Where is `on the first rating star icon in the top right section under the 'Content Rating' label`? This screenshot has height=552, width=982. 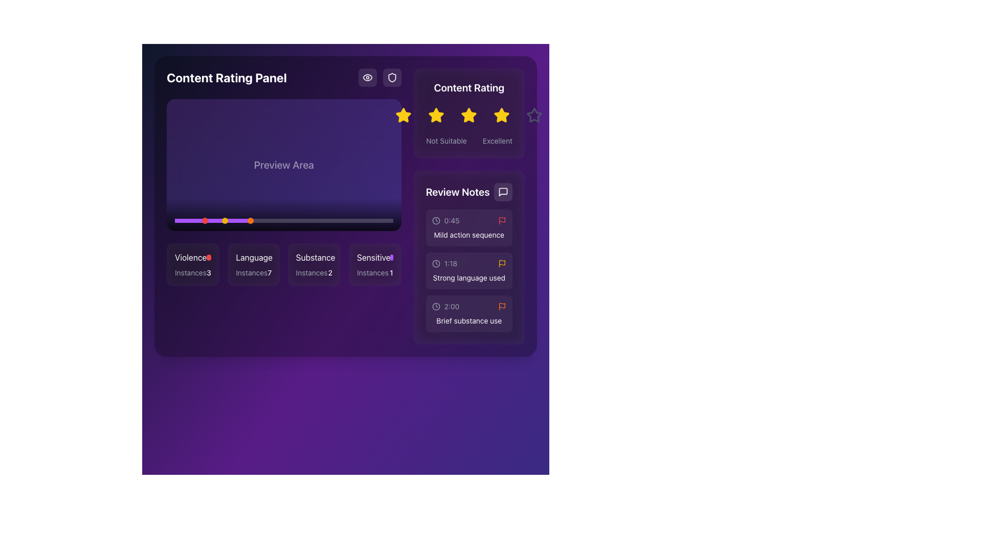 on the first rating star icon in the top right section under the 'Content Rating' label is located at coordinates (403, 115).